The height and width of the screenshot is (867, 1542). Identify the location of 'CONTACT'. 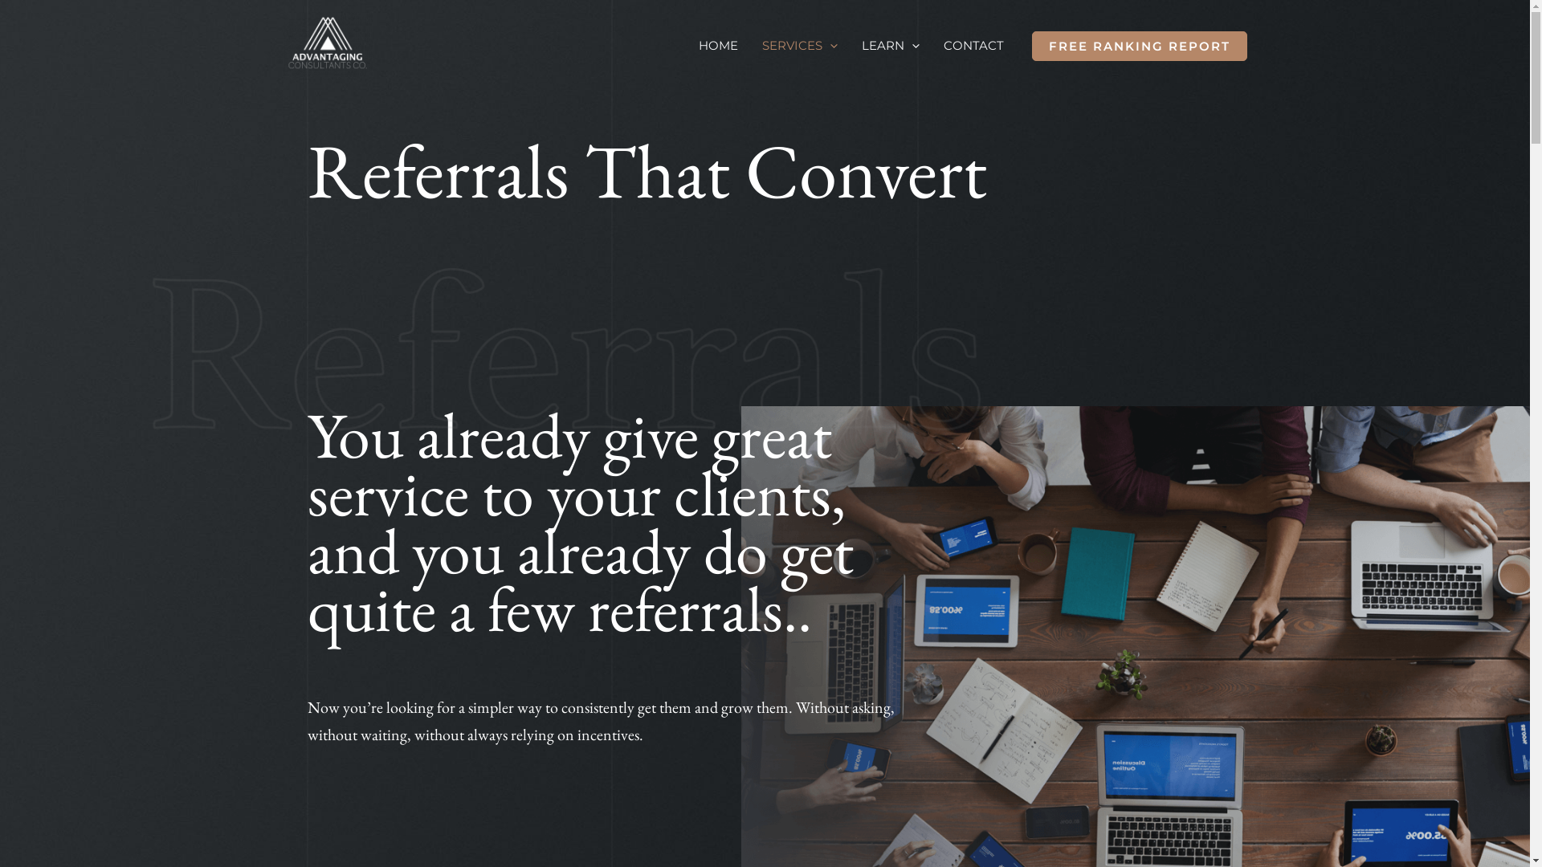
(973, 45).